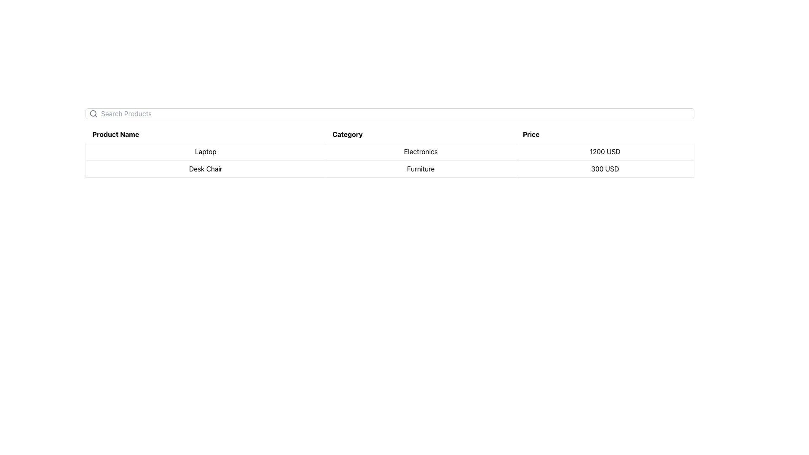 The width and height of the screenshot is (809, 455). Describe the element at coordinates (93, 114) in the screenshot. I see `the magnifying glass icon, which represents the search functionality, located to the left of the input field to initiate a search` at that location.